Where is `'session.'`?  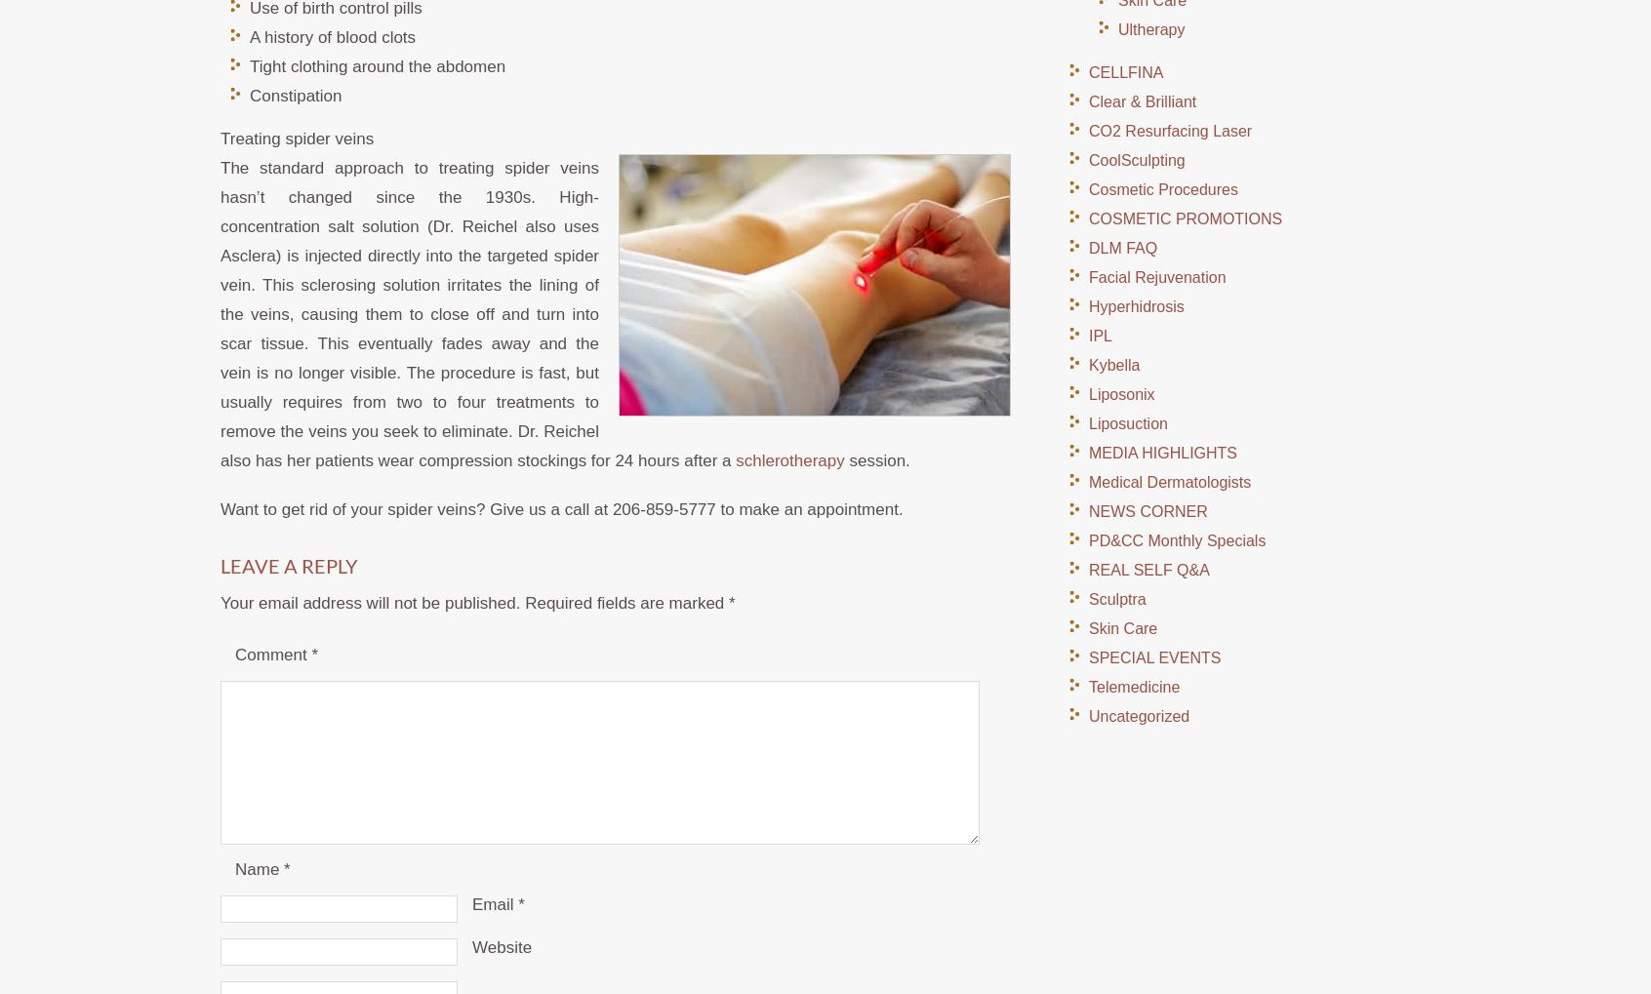
'session.' is located at coordinates (842, 459).